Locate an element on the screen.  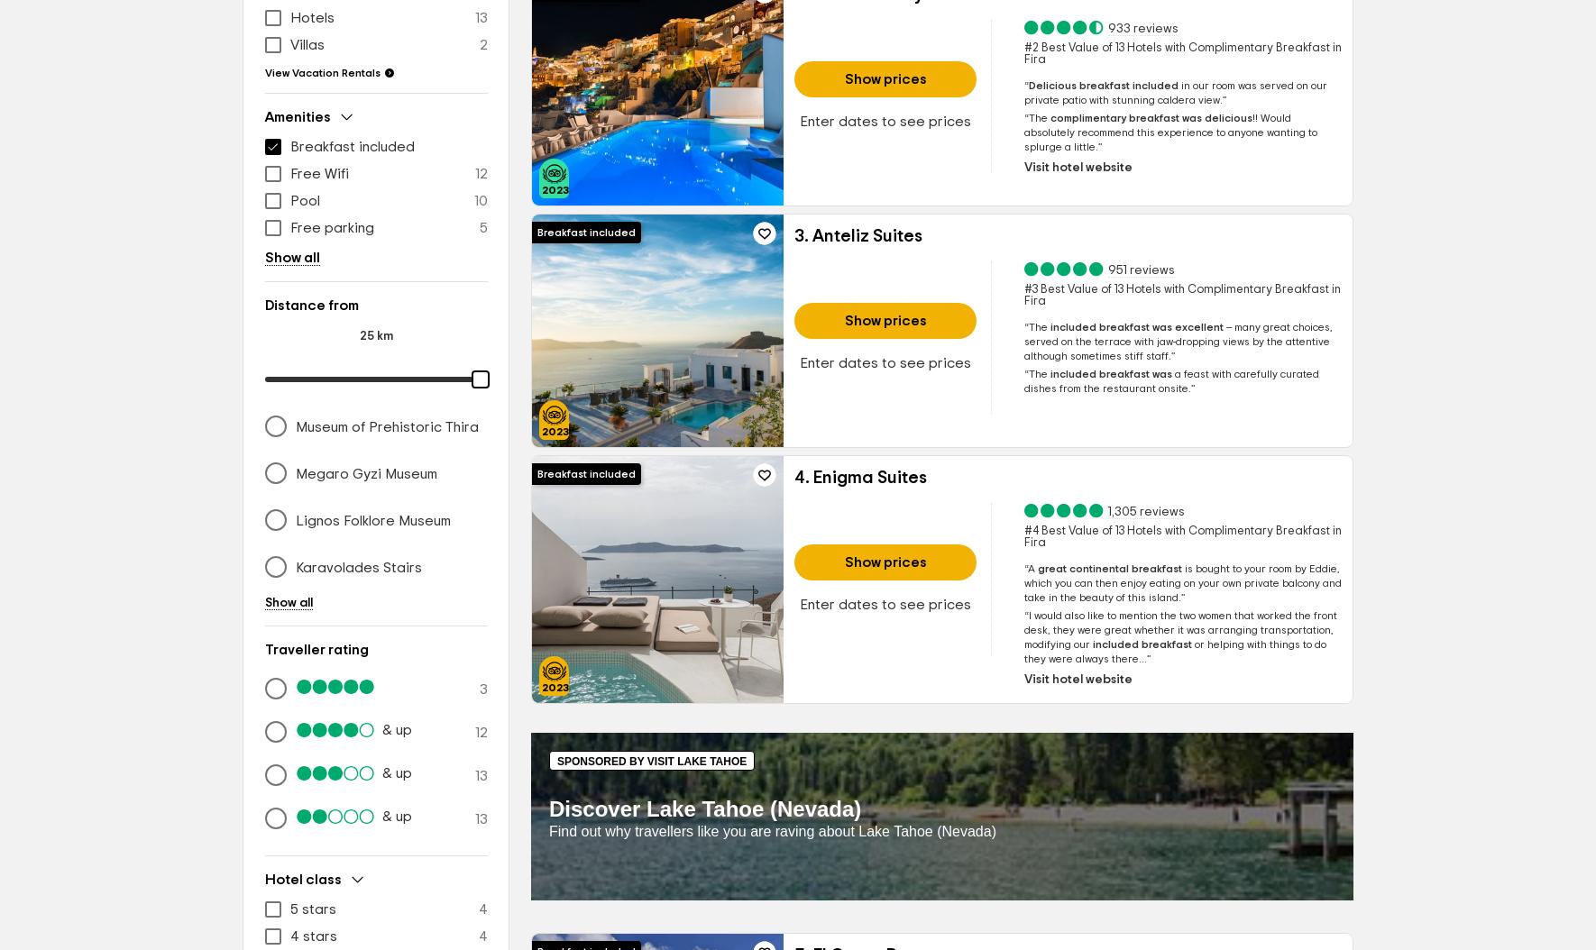
'Traveller rating' is located at coordinates (316, 649).